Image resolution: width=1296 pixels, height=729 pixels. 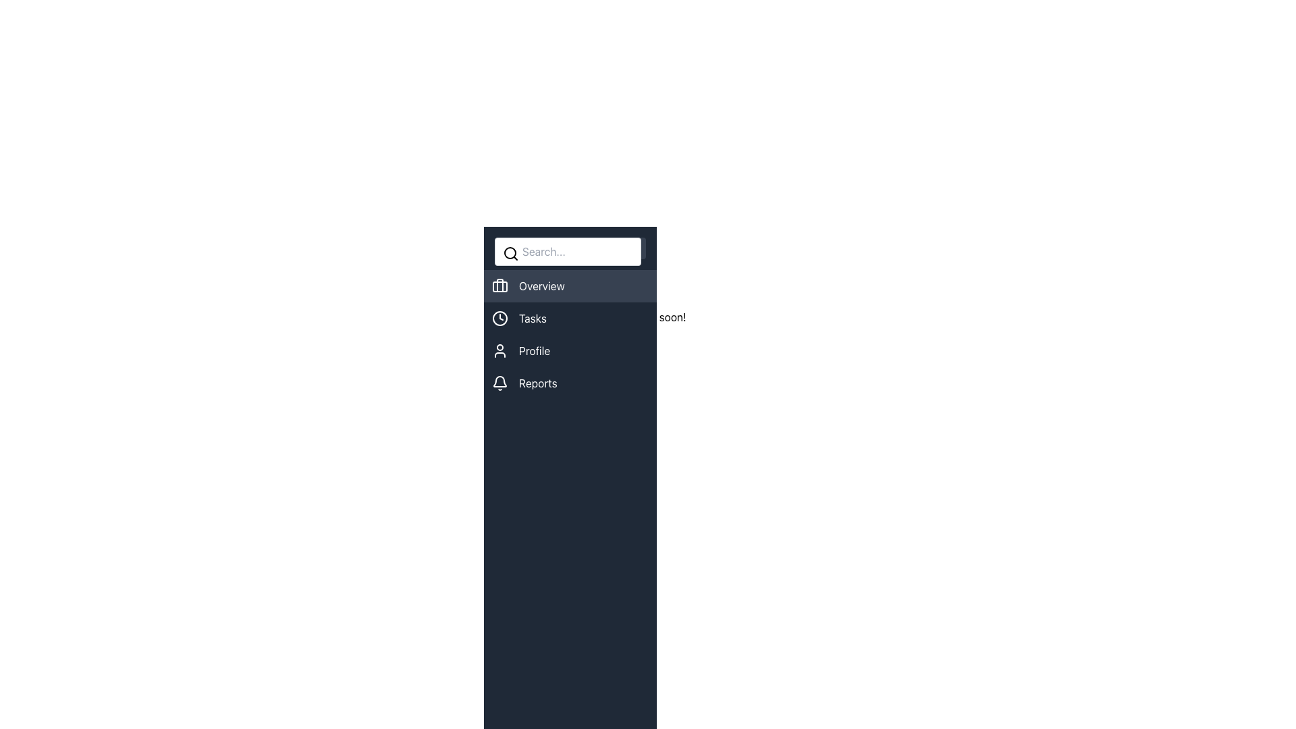 I want to click on the user profile text label located in the vertical navigation bar, which is the third option beneath 'Tasks' and above 'Reports', so click(x=534, y=350).